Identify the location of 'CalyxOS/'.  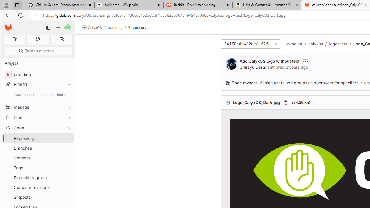
(95, 28).